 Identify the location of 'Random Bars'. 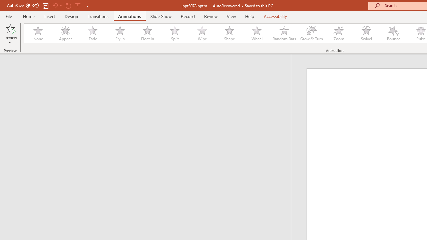
(284, 33).